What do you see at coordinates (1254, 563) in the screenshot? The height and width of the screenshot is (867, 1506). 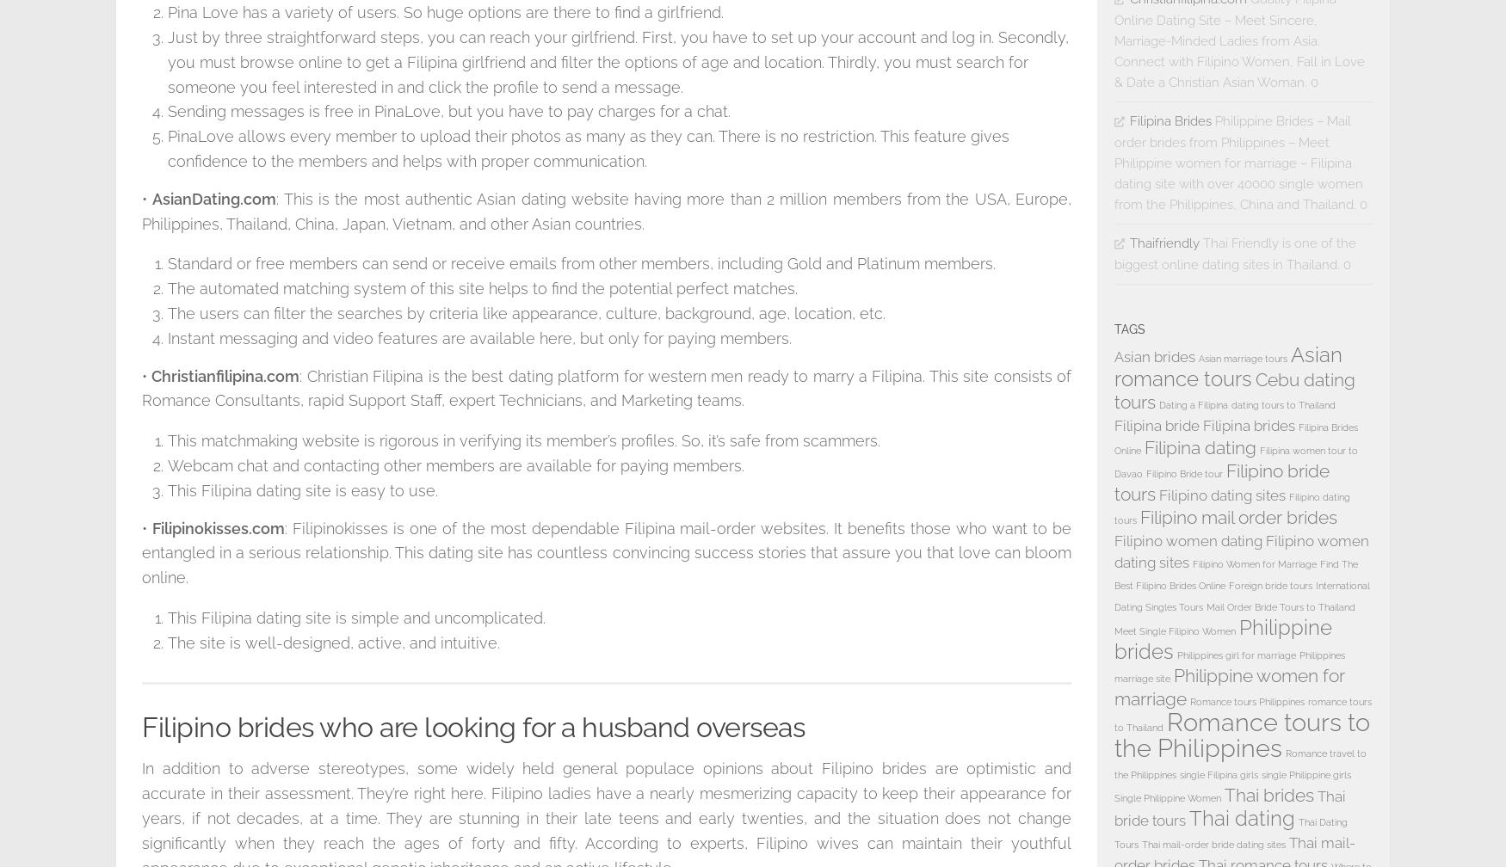 I see `'Filipino Women for Marriage'` at bounding box center [1254, 563].